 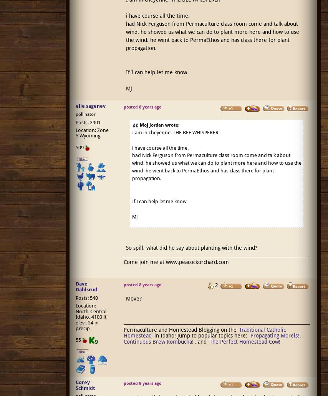 I want to click on 'Permaculture and Homestead Blogging on the', so click(x=181, y=329).